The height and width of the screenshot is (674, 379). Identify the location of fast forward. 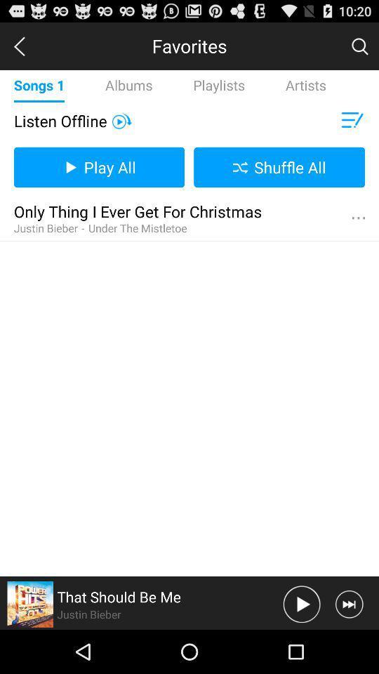
(348, 603).